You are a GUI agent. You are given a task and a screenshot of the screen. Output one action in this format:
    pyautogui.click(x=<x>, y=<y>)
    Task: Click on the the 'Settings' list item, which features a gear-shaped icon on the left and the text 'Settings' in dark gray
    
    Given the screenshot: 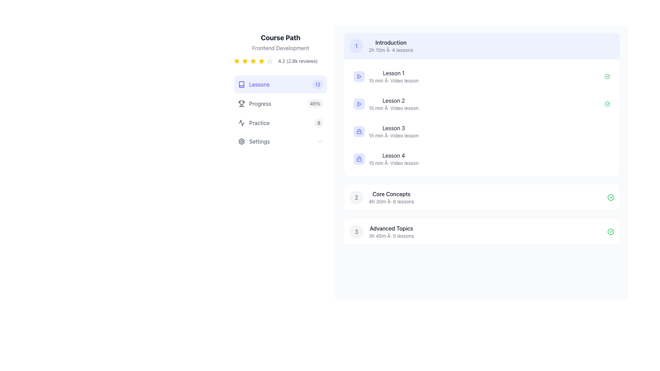 What is the action you would take?
    pyautogui.click(x=254, y=141)
    